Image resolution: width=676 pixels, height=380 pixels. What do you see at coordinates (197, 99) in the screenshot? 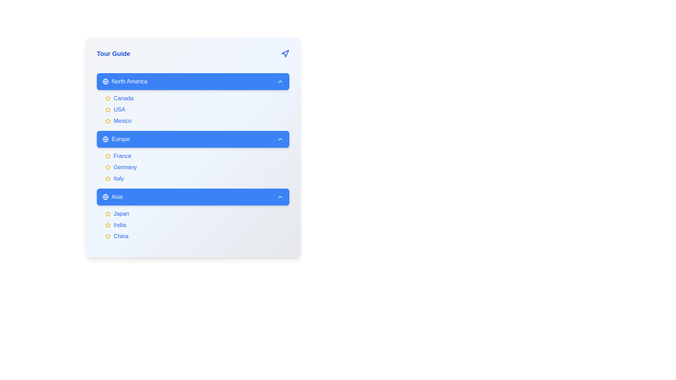
I see `the first hyperlink in the 'North America' collapsible section` at bounding box center [197, 99].